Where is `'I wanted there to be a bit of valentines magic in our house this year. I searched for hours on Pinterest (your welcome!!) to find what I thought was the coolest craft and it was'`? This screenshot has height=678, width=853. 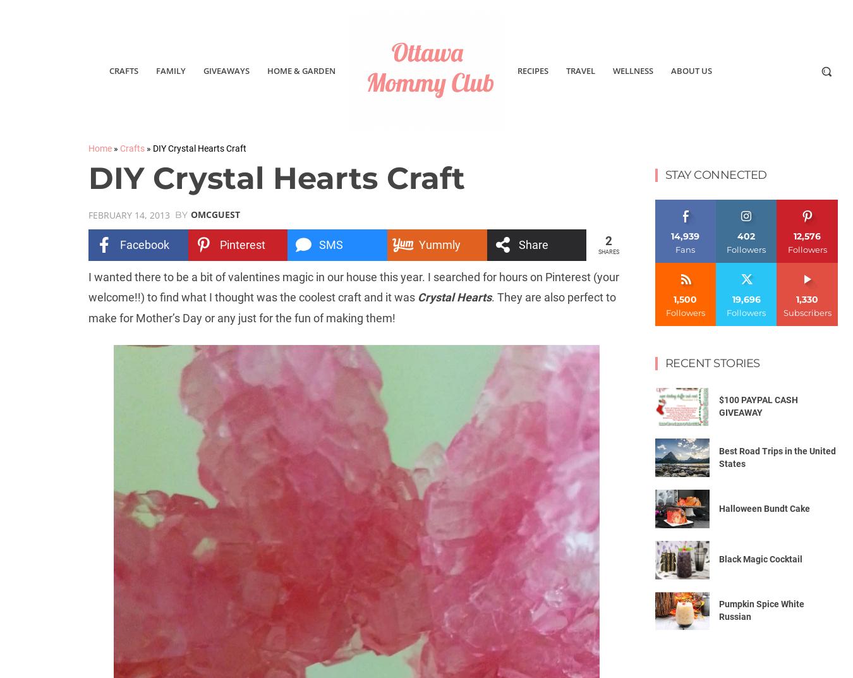 'I wanted there to be a bit of valentines magic in our house this year. I searched for hours on Pinterest (your welcome!!) to find what I thought was the coolest craft and it was' is located at coordinates (353, 286).